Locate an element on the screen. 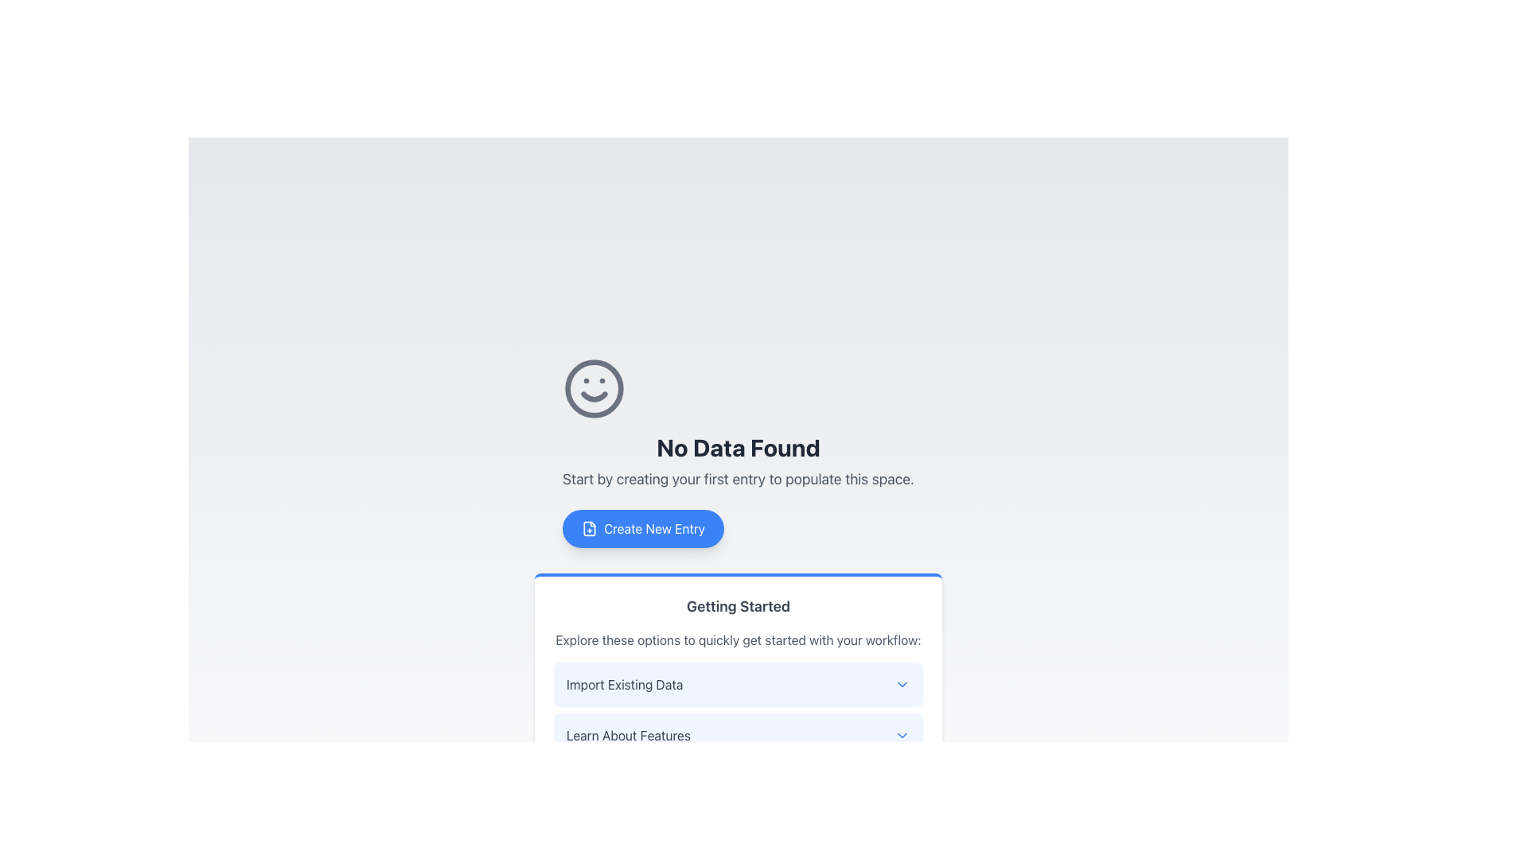 Image resolution: width=1528 pixels, height=859 pixels. the text label that says 'Import Existing Data', which is styled in gray color and located in a light blue section of the interface is located at coordinates (624, 683).